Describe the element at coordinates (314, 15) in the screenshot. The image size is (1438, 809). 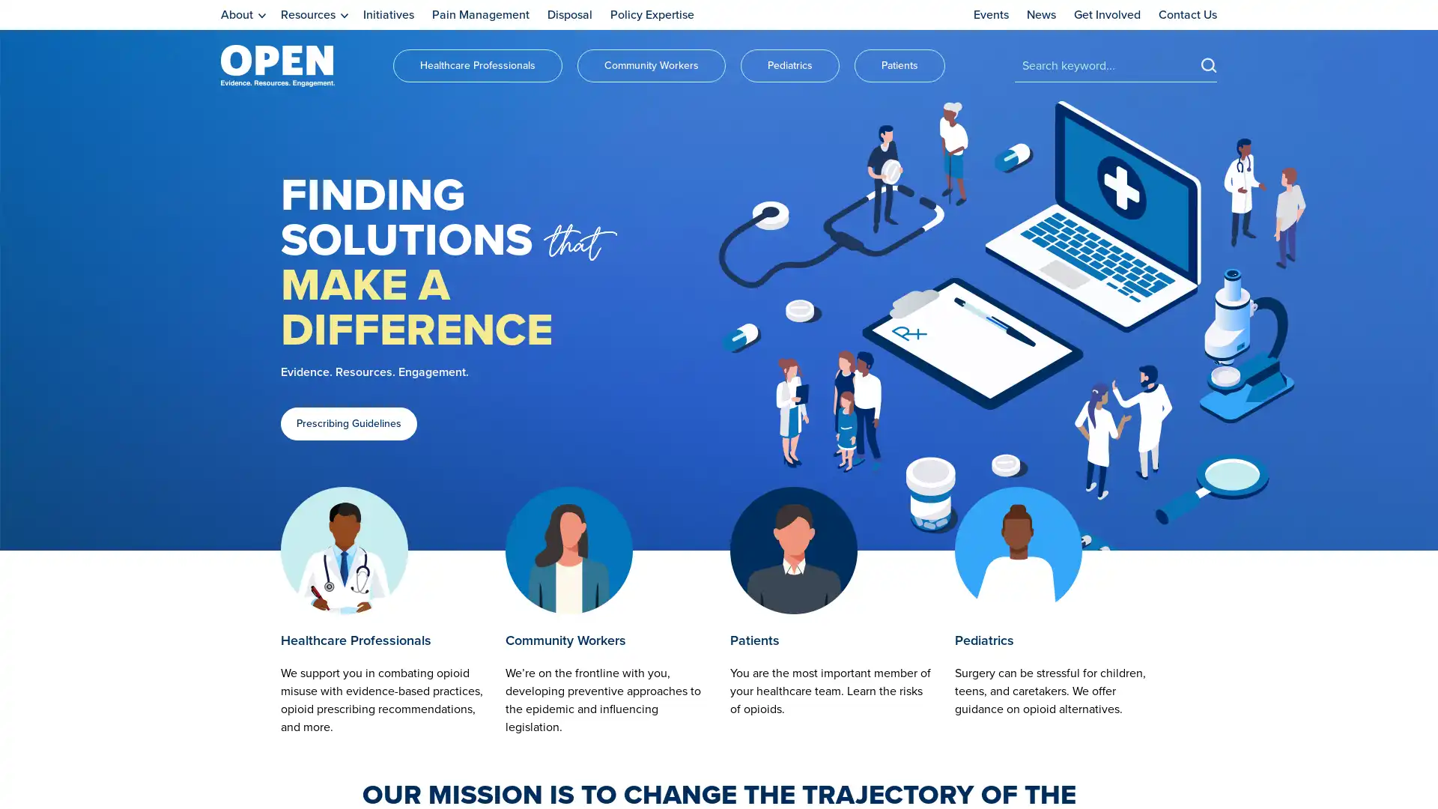
I see `Resources` at that location.